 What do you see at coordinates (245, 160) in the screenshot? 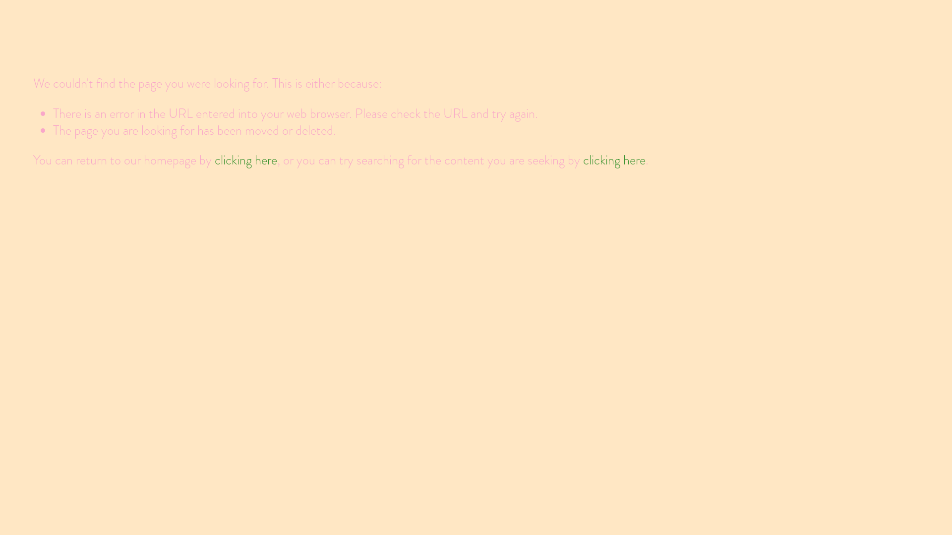
I see `'clicking here'` at bounding box center [245, 160].